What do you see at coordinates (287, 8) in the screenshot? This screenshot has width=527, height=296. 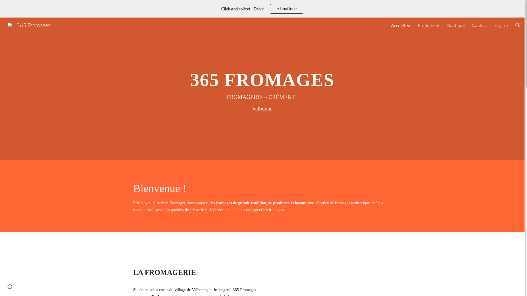 I see `'e-boutique'` at bounding box center [287, 8].